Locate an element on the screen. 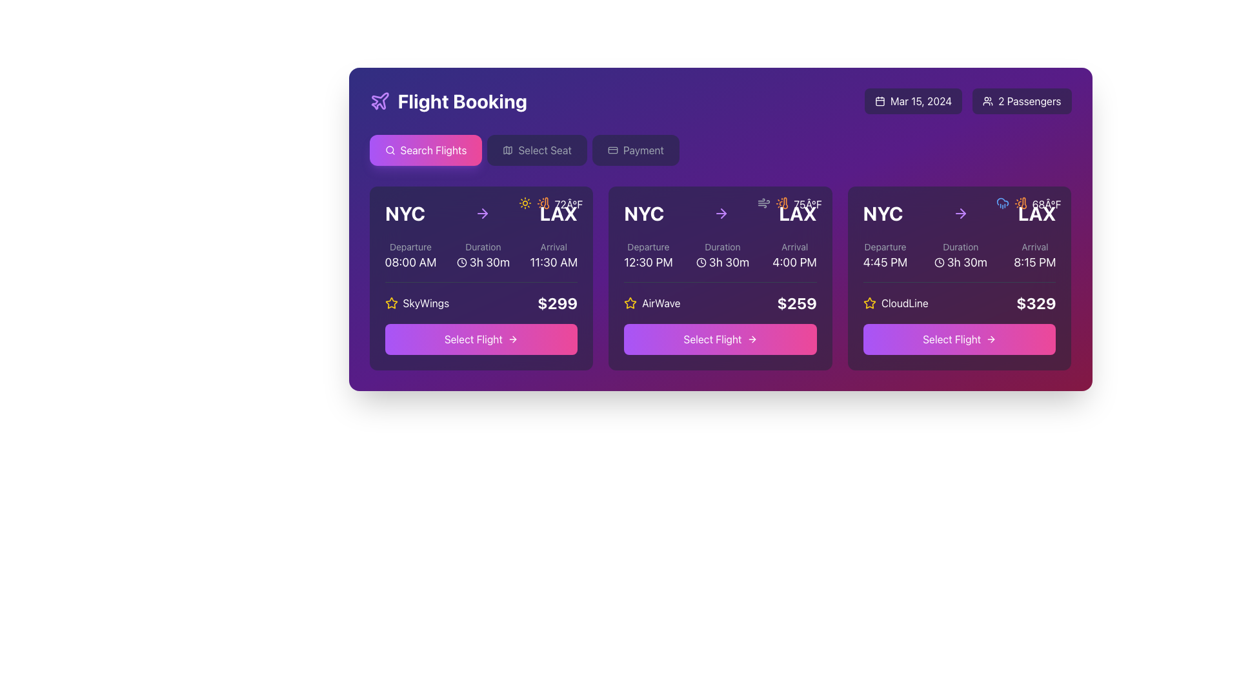 This screenshot has width=1239, height=697. the 'Arrival' text label, which displays '11:30 AM' in larger white font, located in the arrival section of the first flight itinerary card is located at coordinates (554, 256).